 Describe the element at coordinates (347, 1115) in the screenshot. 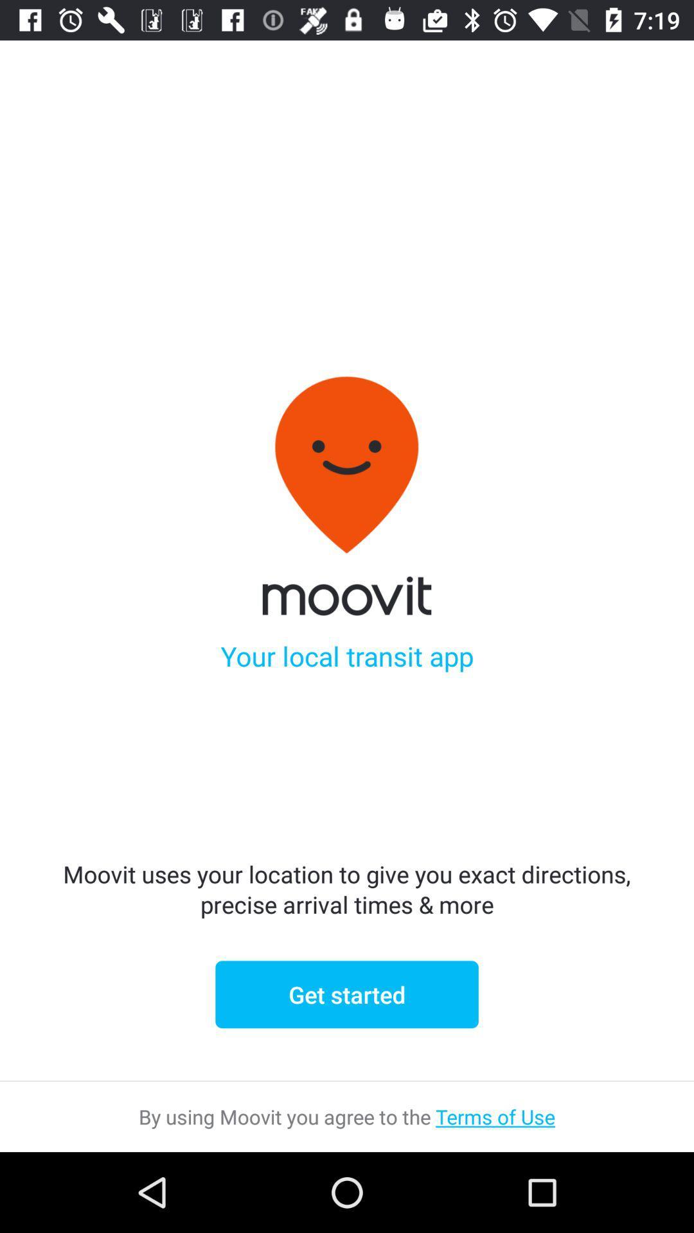

I see `the by using moovit` at that location.